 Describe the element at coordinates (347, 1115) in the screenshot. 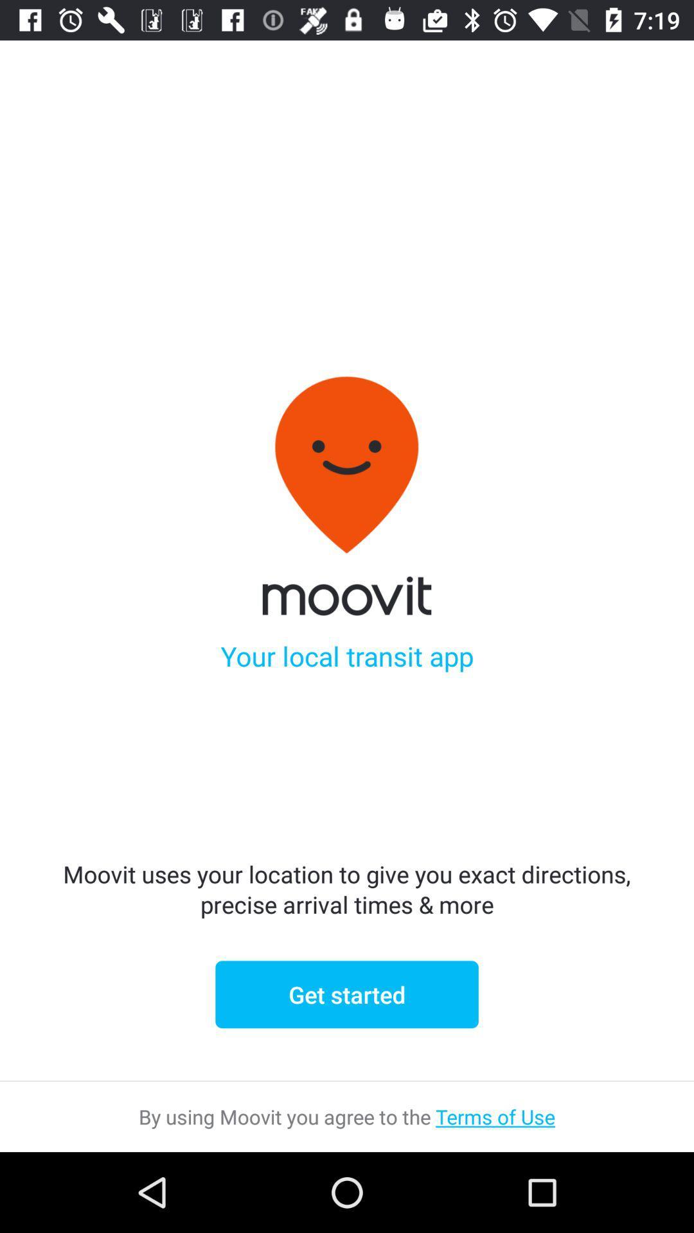

I see `the by using moovit` at that location.